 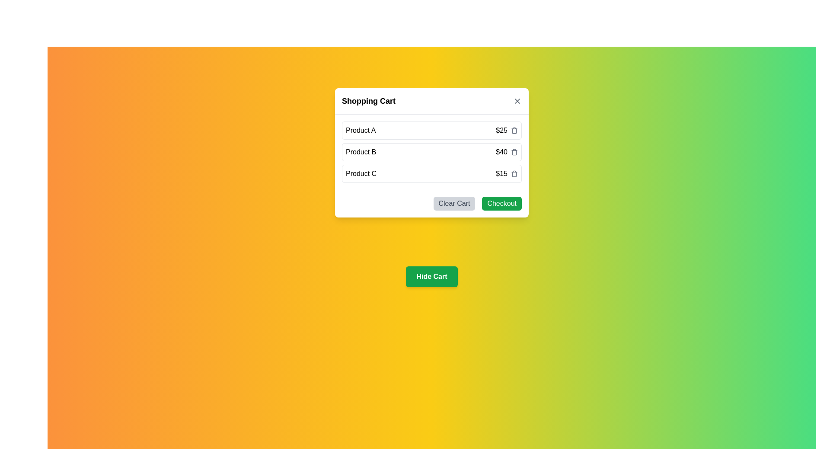 What do you see at coordinates (431, 130) in the screenshot?
I see `the price '$25' or the product name 'Product A' in the first item row of the shopping cart modal` at bounding box center [431, 130].